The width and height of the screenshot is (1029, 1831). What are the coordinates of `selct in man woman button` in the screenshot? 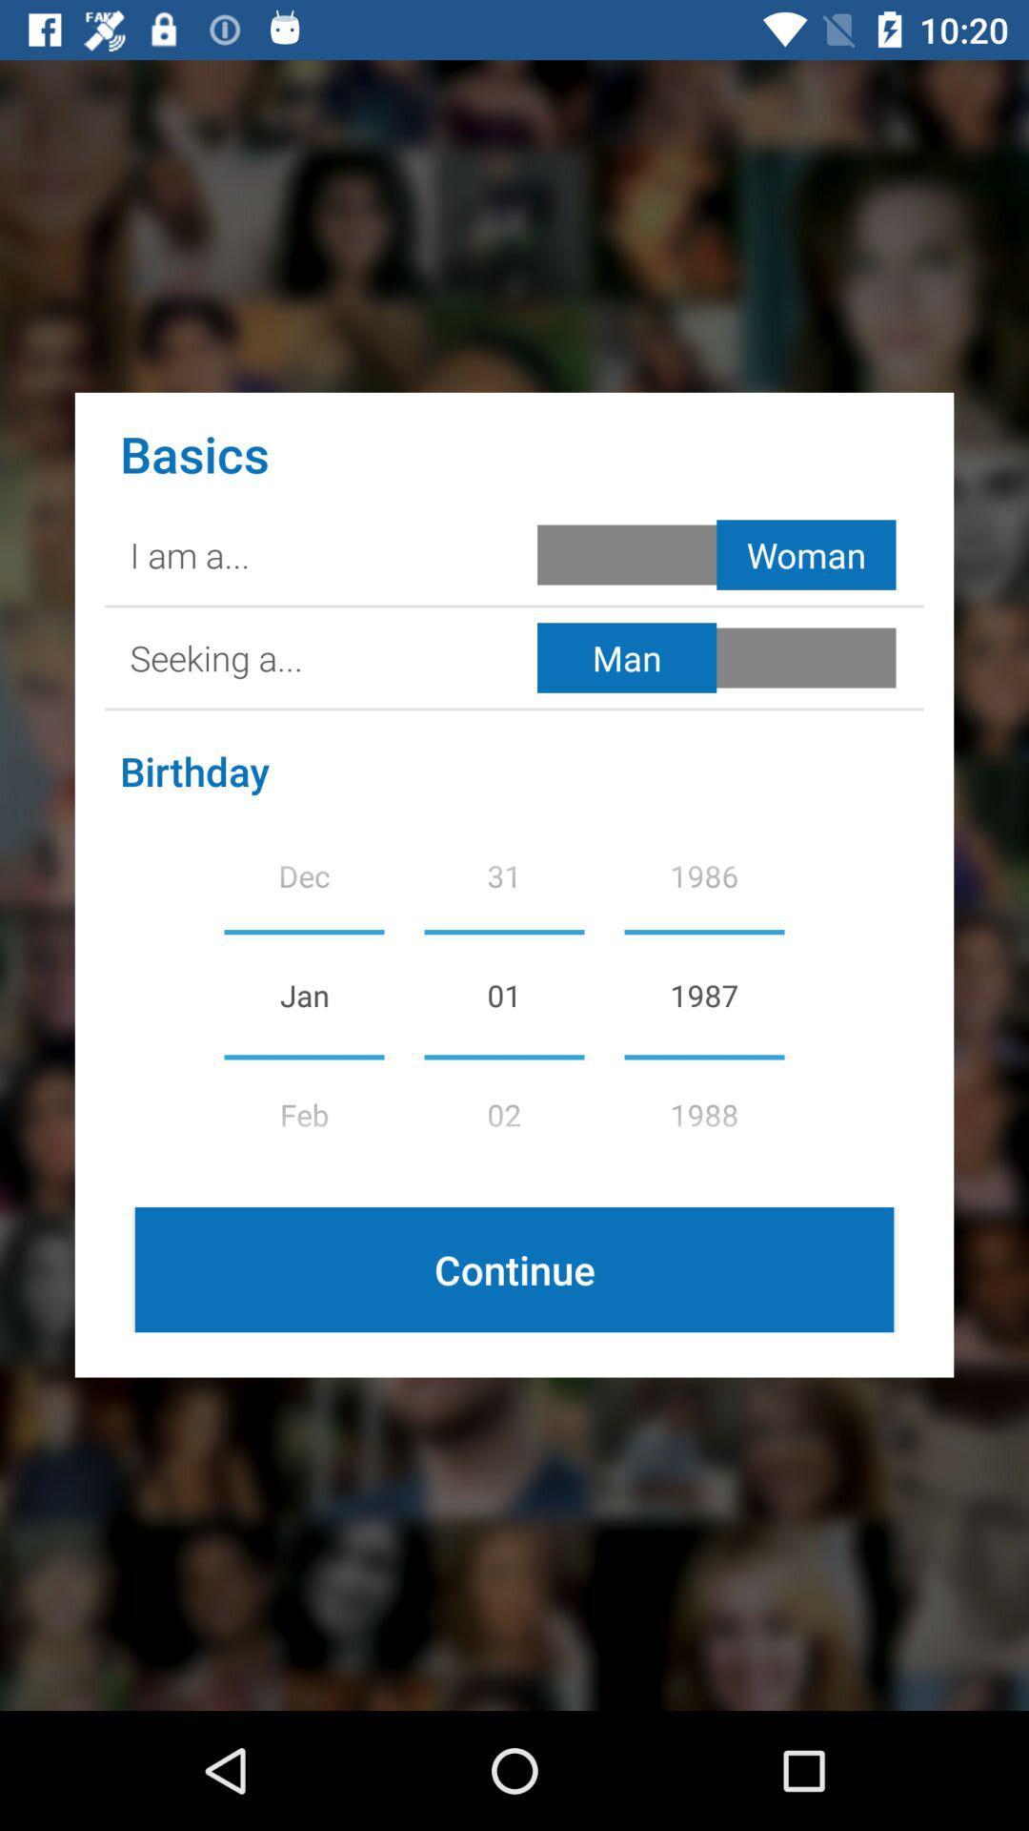 It's located at (720, 658).